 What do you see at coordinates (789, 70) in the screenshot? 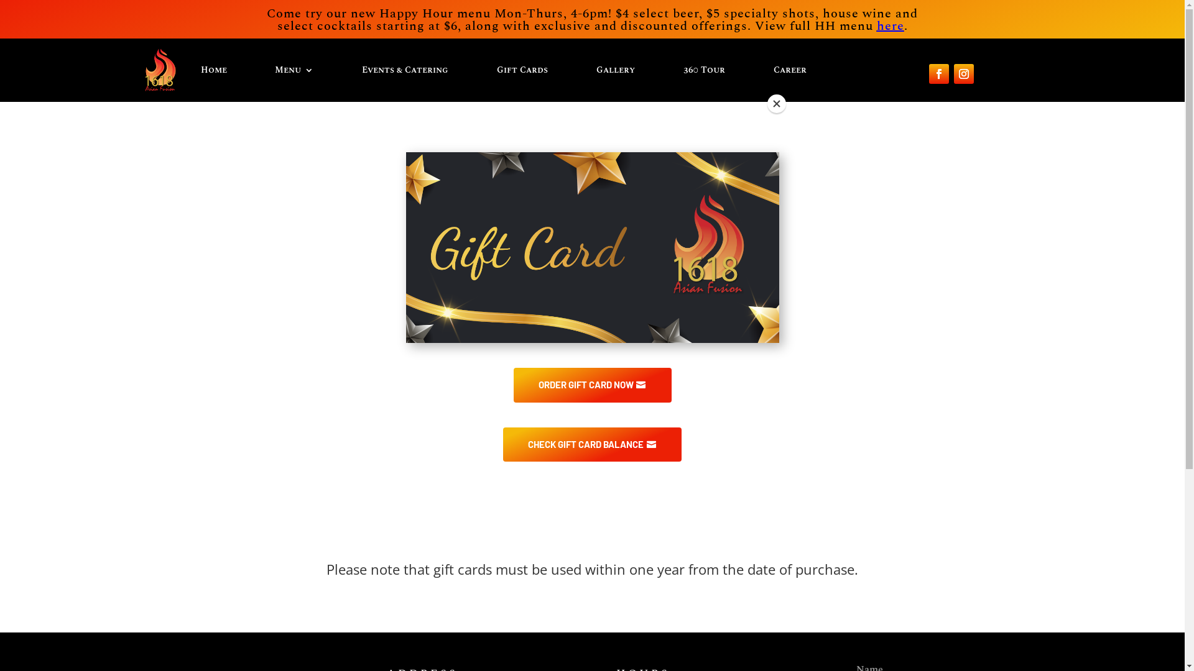
I see `'Career'` at bounding box center [789, 70].